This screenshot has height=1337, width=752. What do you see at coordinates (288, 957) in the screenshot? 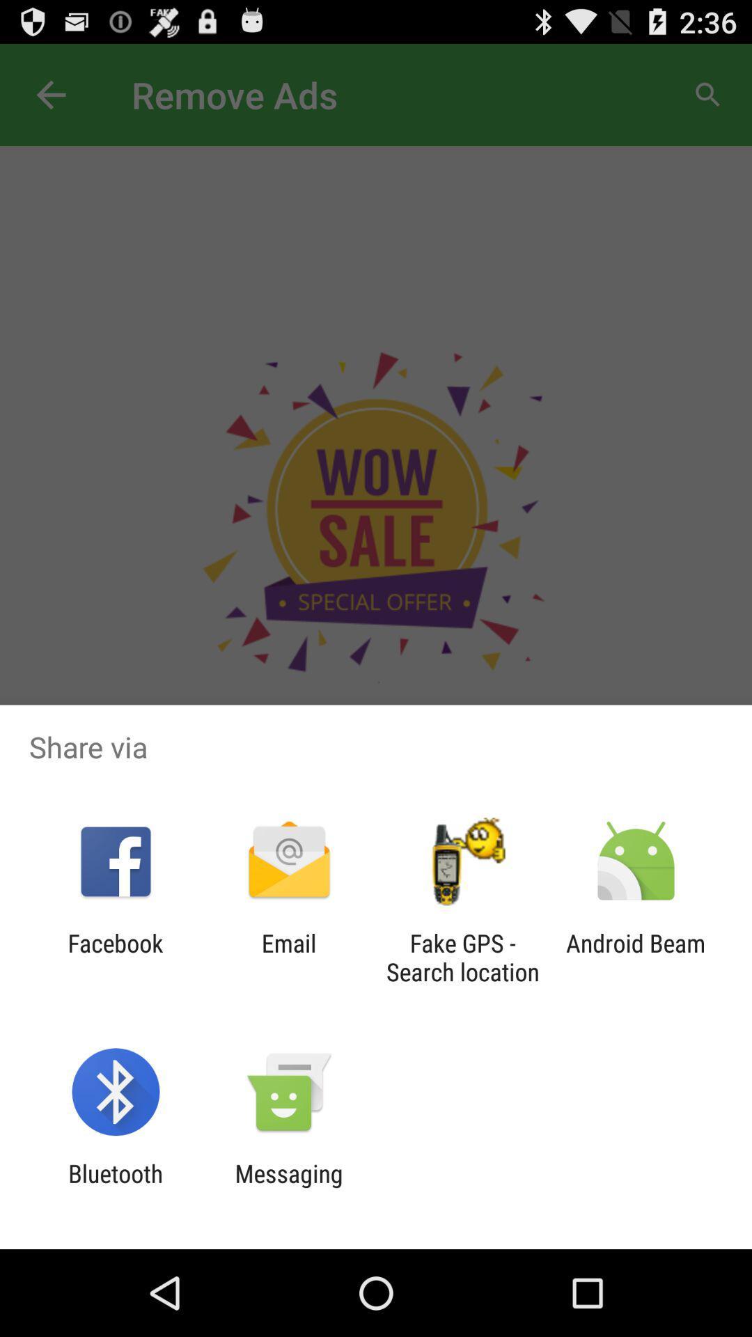
I see `the app next to the fake gps search item` at bounding box center [288, 957].